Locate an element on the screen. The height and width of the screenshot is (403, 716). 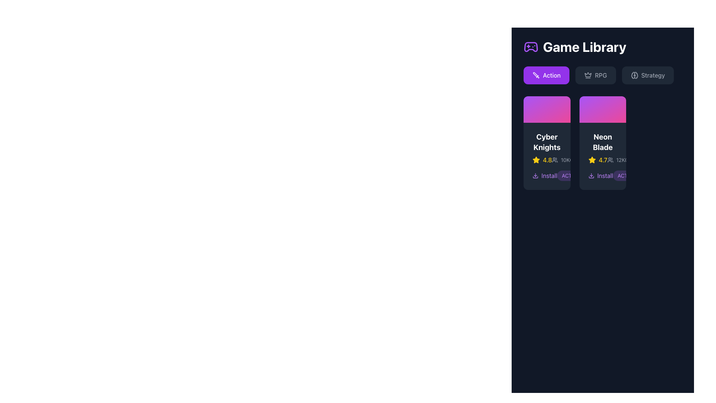
the user icon, which is represented by stylized silhouettes of two individuals, located to the left of the text '12K' in the lower-right portion of the 'Neon Blade' card is located at coordinates (610, 159).